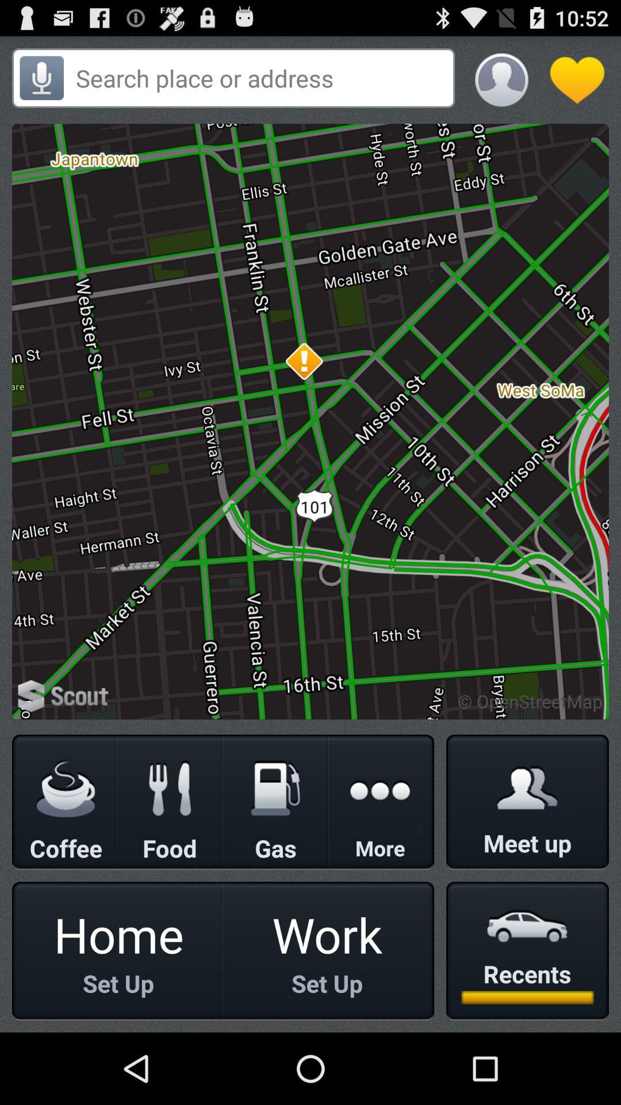 The height and width of the screenshot is (1105, 621). What do you see at coordinates (527, 787) in the screenshot?
I see `the user icon which is above the text meet up` at bounding box center [527, 787].